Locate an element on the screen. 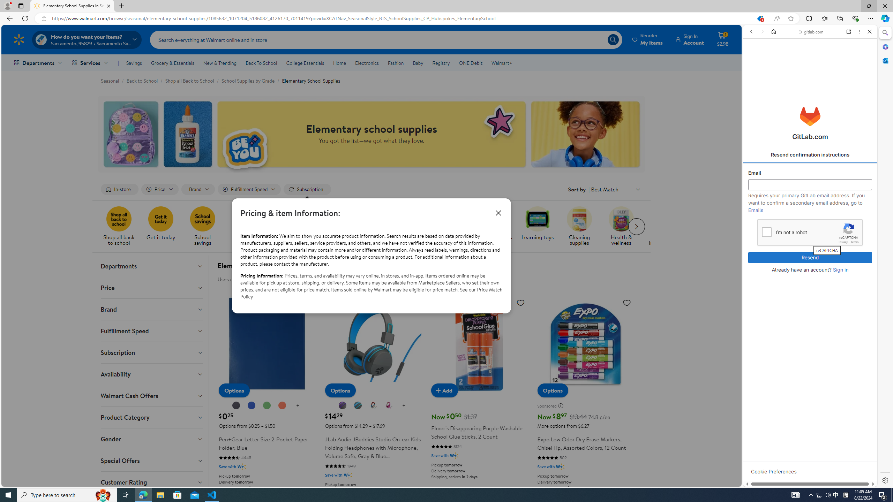  'Sign in' is located at coordinates (840, 269).